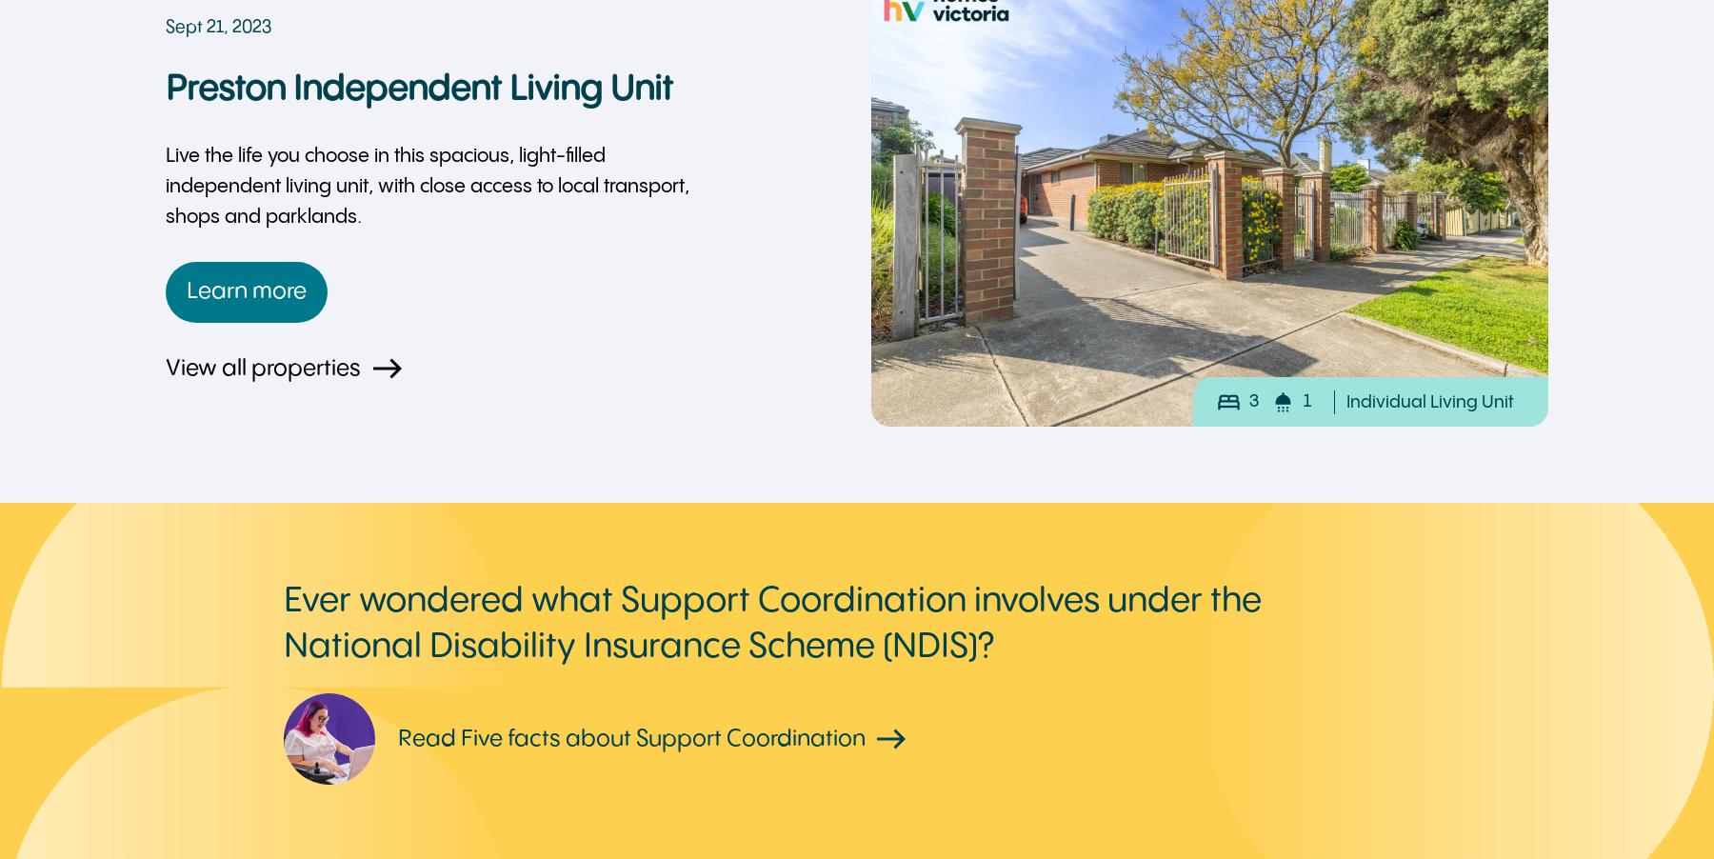 This screenshot has height=859, width=1714. Describe the element at coordinates (1254, 401) in the screenshot. I see `'3'` at that location.